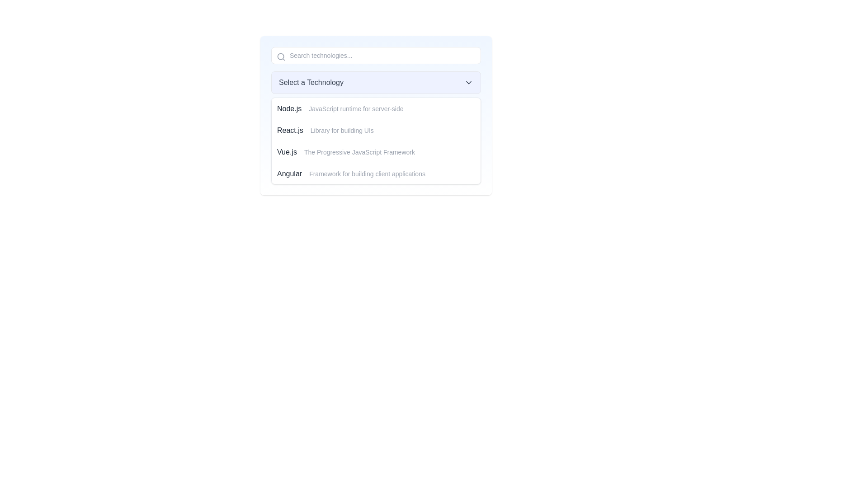 The height and width of the screenshot is (488, 868). I want to click on the text label displaying 'Framework for building client applications', which is styled in light gray and positioned to the right of the 'Angular' label, so click(367, 174).